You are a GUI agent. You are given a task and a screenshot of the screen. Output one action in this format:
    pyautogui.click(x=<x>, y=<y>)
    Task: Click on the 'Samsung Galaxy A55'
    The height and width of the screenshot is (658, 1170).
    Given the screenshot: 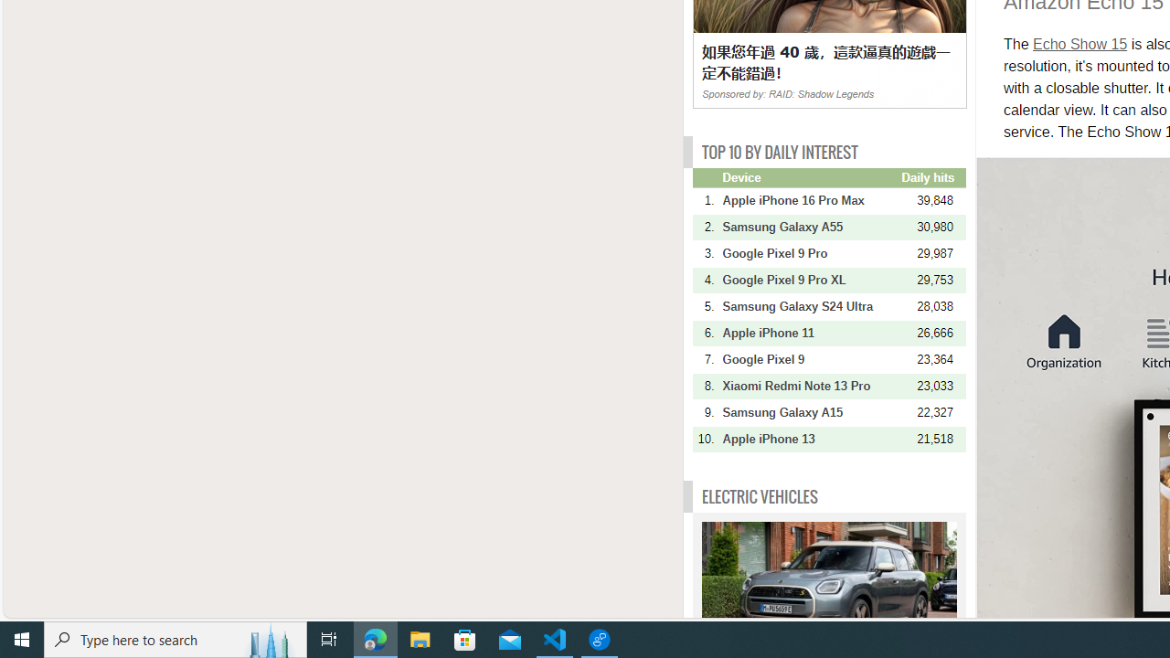 What is the action you would take?
    pyautogui.click(x=809, y=226)
    